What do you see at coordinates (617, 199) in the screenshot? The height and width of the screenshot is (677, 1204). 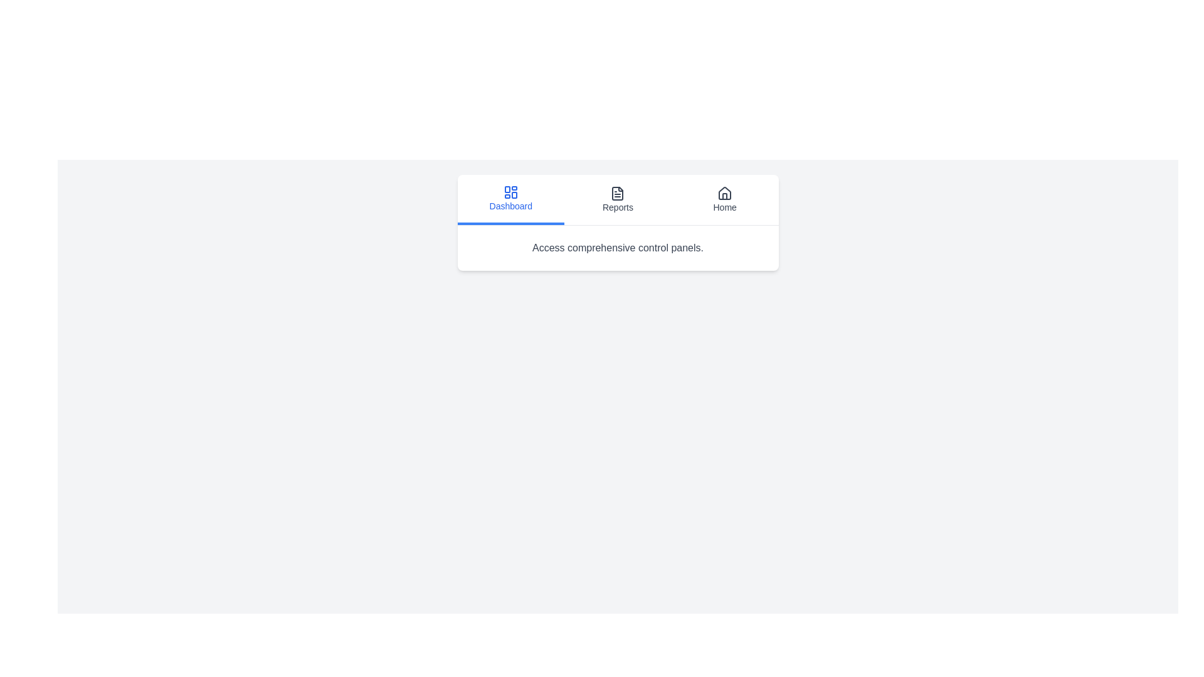 I see `the Reports tab to inspect its layout` at bounding box center [617, 199].